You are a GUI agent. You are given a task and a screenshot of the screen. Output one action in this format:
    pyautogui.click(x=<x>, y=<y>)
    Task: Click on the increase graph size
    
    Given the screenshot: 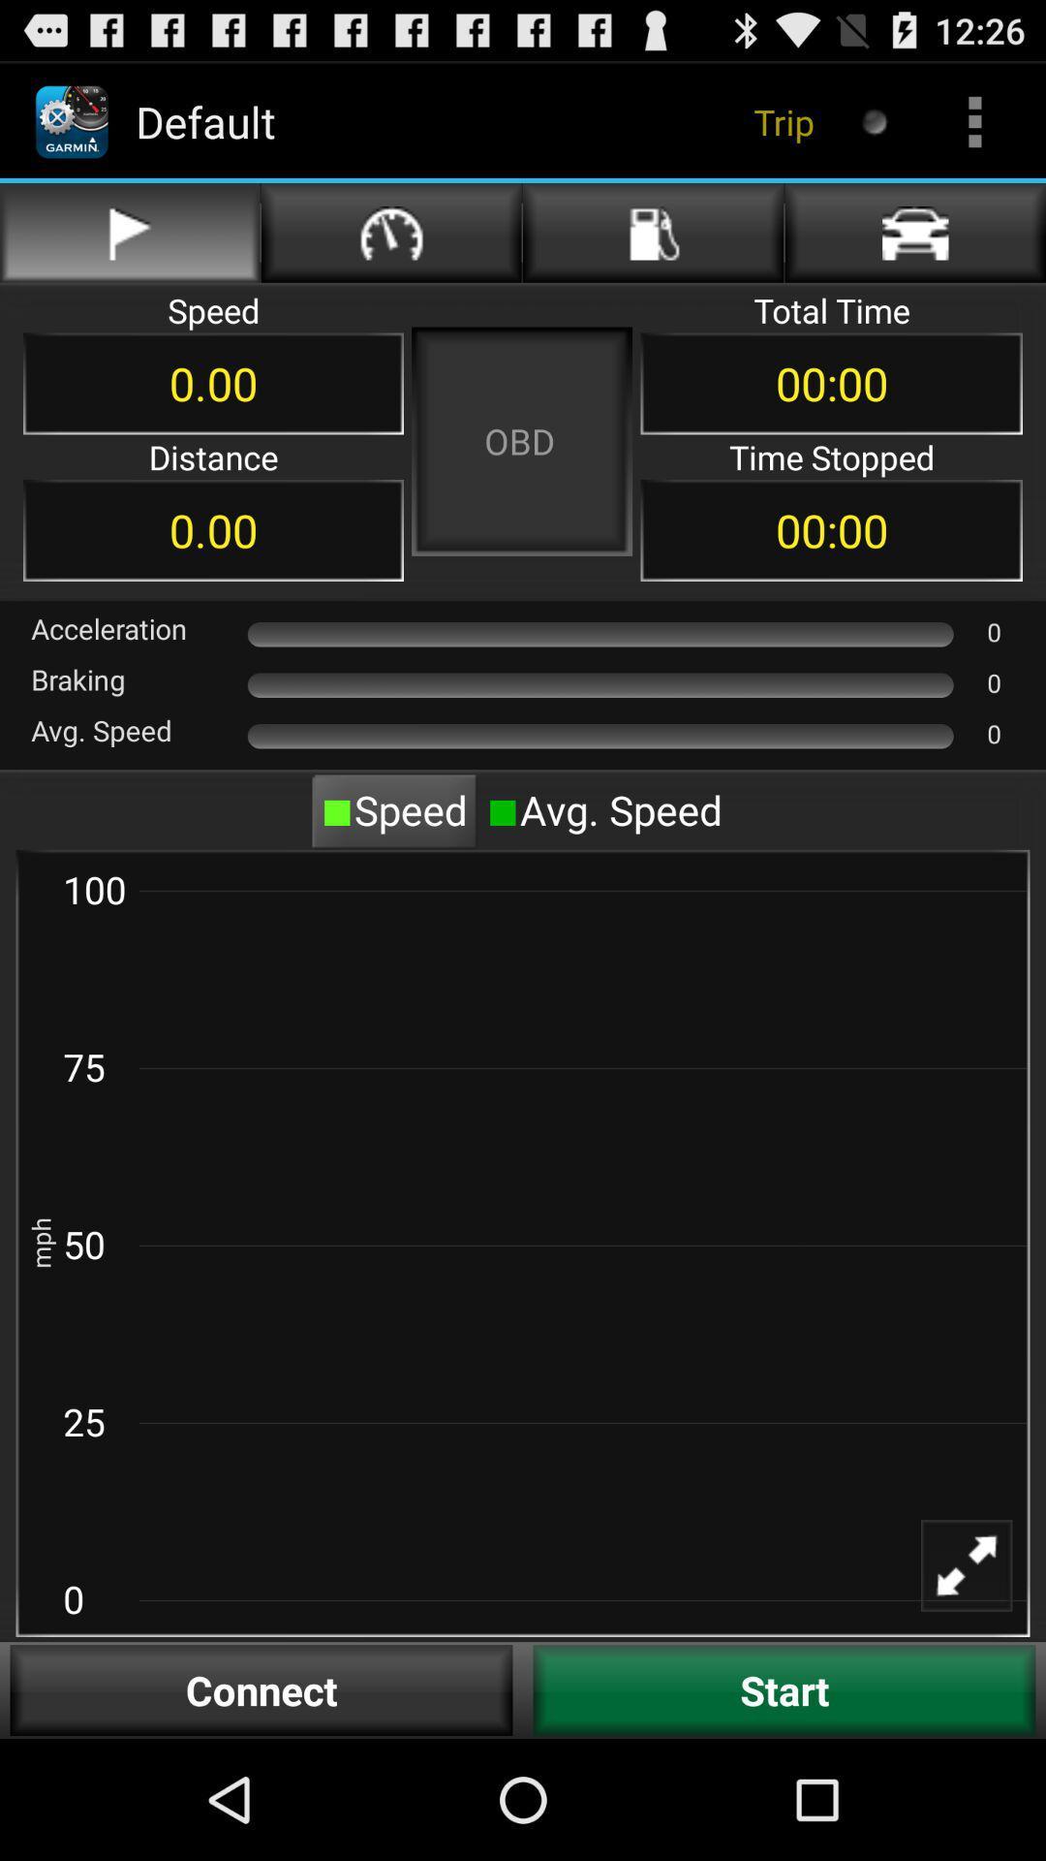 What is the action you would take?
    pyautogui.click(x=979, y=1578)
    